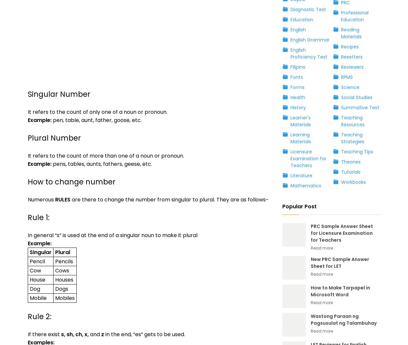  Describe the element at coordinates (52, 109) in the screenshot. I see `'NON-STOP TEACHING'` at that location.